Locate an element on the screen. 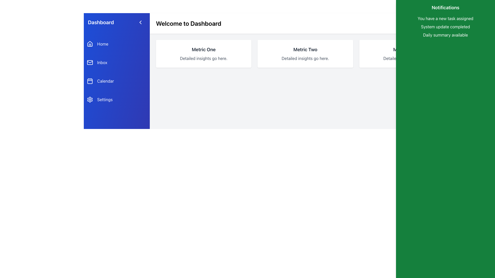 The image size is (495, 278). the 'Home' text label in the vertical navigation menu, which is styled in white font on a blue background and located next to a house icon is located at coordinates (103, 44).